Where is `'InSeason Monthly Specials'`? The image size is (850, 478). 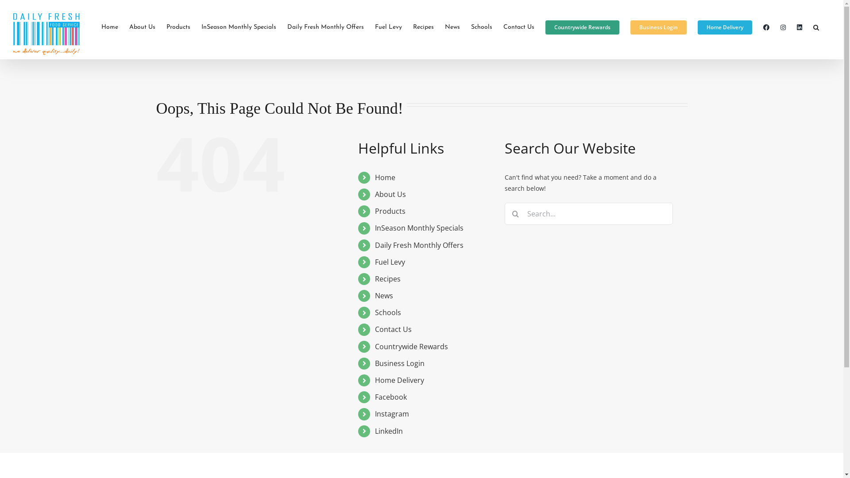
'InSeason Monthly Specials' is located at coordinates (418, 227).